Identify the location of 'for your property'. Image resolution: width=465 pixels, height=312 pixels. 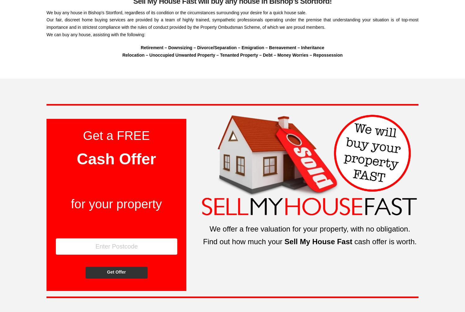
(70, 204).